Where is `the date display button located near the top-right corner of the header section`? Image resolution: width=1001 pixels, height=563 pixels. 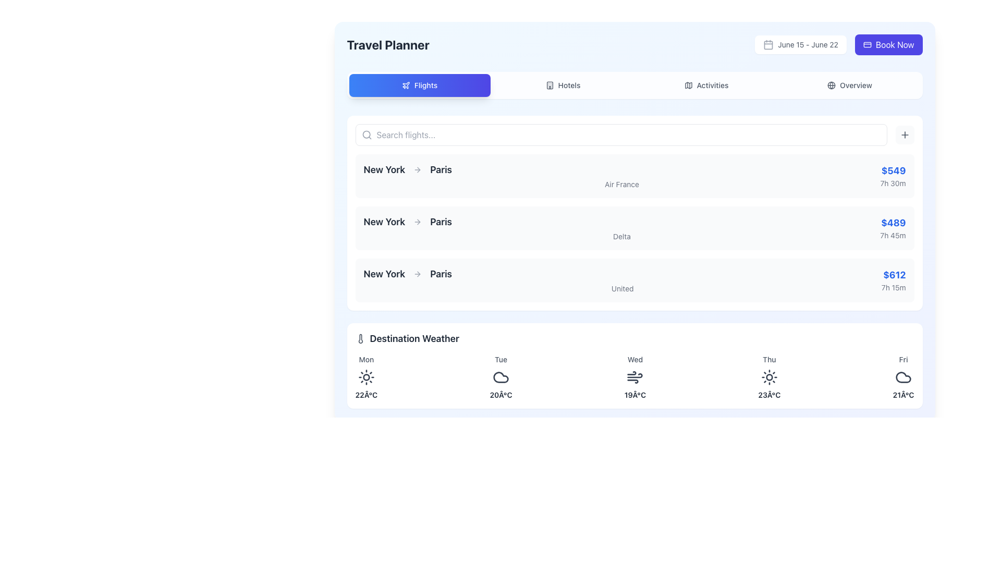 the date display button located near the top-right corner of the header section is located at coordinates (800, 44).